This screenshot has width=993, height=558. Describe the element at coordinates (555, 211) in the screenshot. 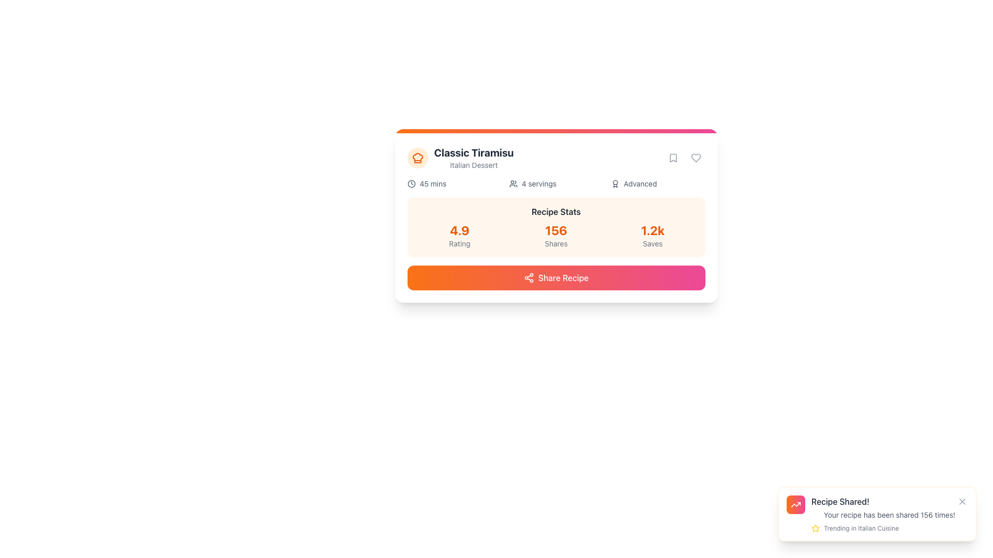

I see `the text label that categorizes the statistics section for recipe-related stats, positioned centrally below the main title 'Classic Tiramisu'` at that location.